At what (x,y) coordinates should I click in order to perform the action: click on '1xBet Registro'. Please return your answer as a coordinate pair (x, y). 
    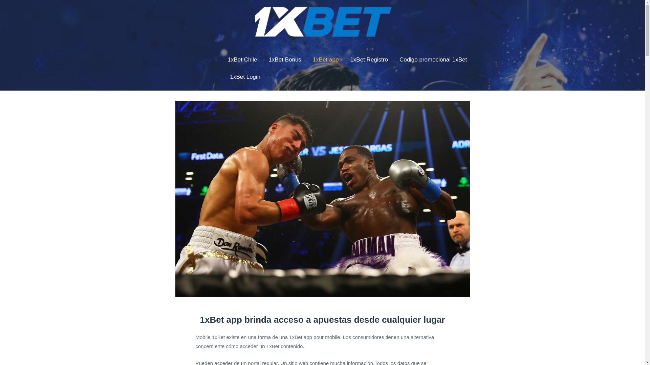
    Looking at the image, I should click on (368, 59).